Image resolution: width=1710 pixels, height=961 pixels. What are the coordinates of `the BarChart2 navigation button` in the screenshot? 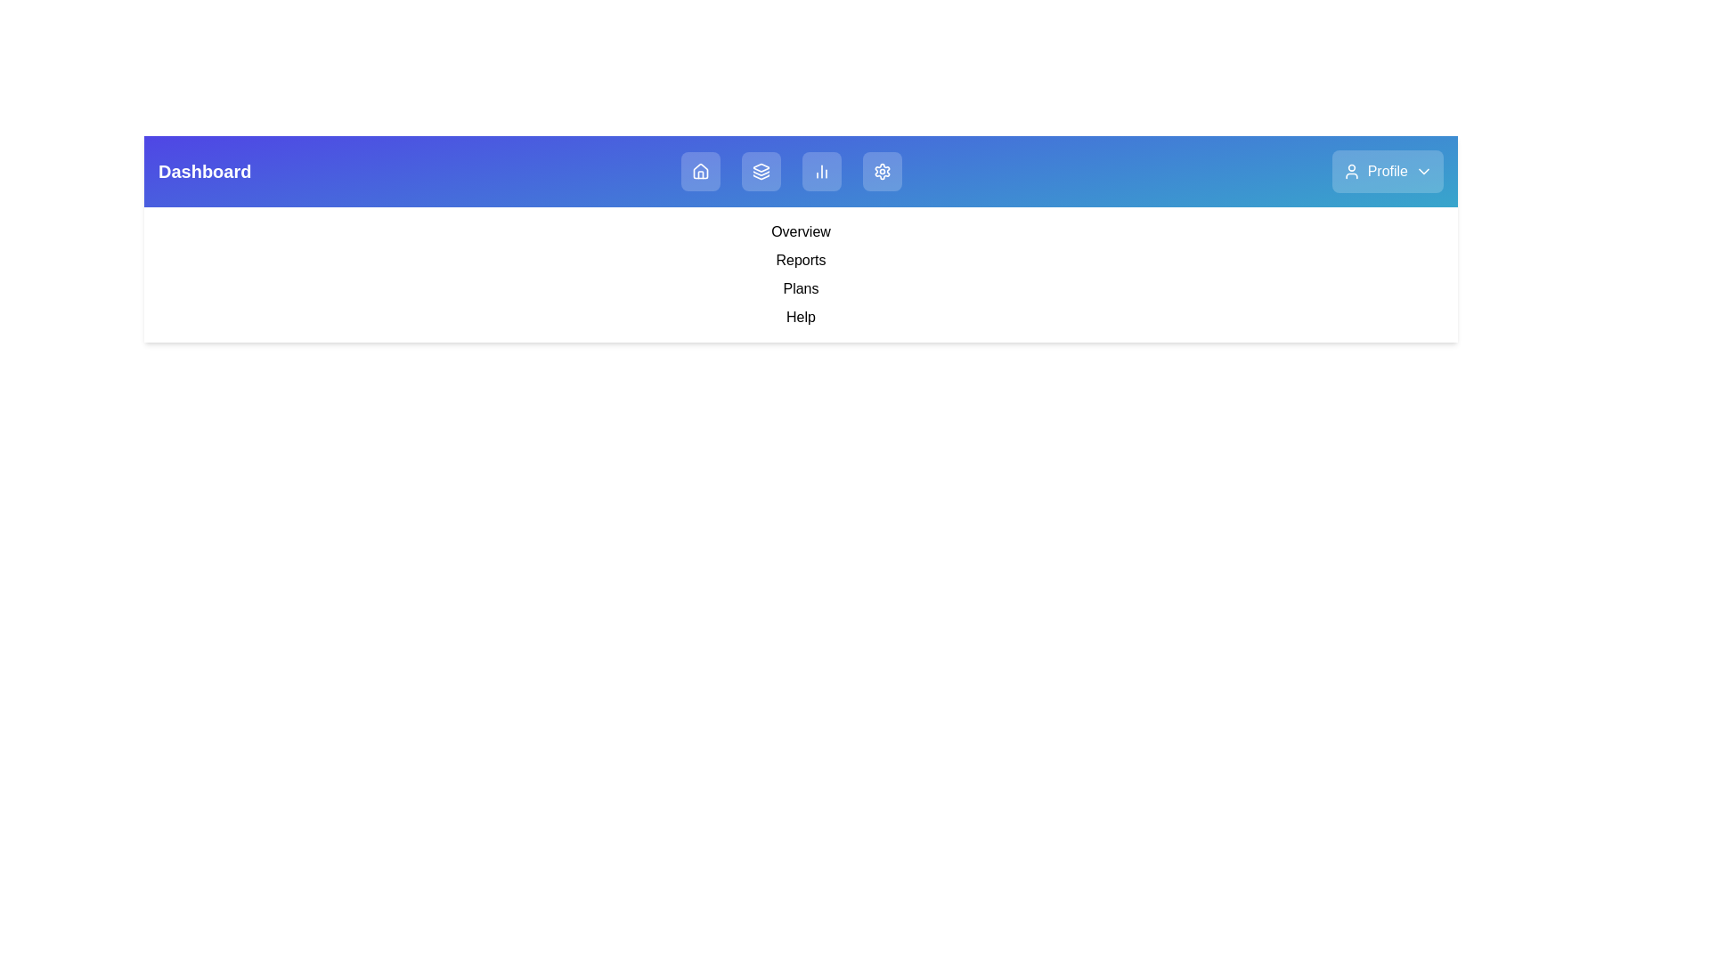 It's located at (821, 171).